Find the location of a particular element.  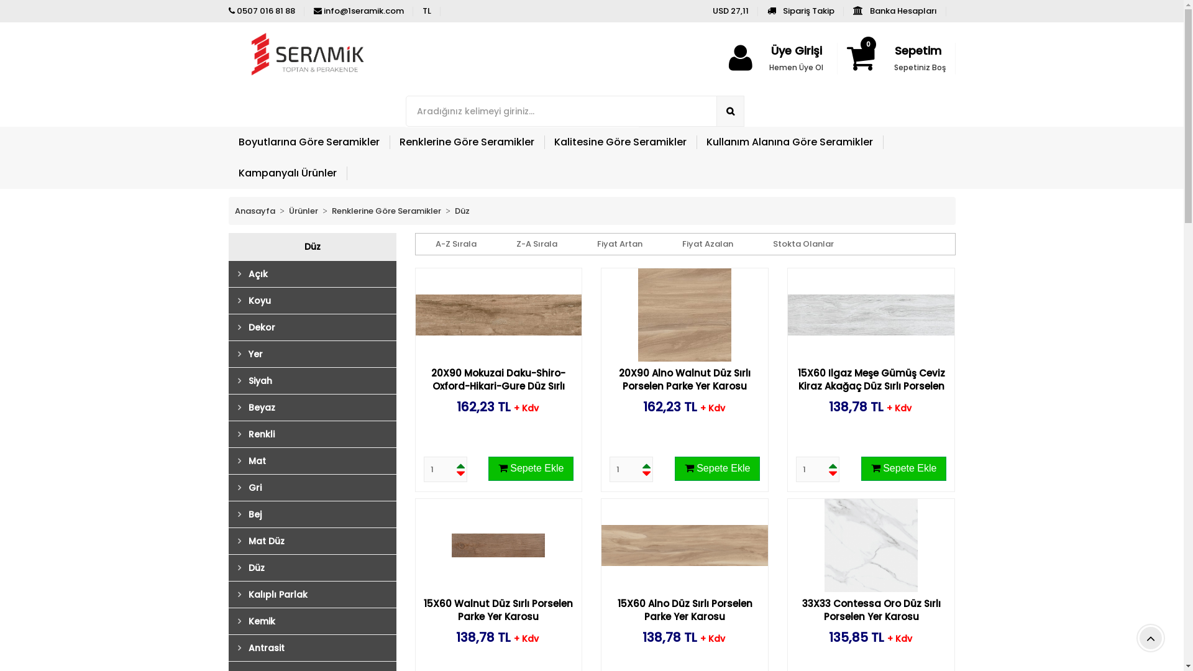

'Fiyat Artan' is located at coordinates (619, 244).